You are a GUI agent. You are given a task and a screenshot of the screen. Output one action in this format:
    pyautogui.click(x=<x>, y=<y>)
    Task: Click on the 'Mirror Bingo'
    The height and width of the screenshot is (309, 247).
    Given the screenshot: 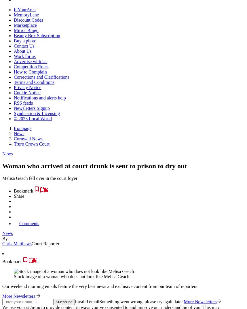 What is the action you would take?
    pyautogui.click(x=13, y=30)
    